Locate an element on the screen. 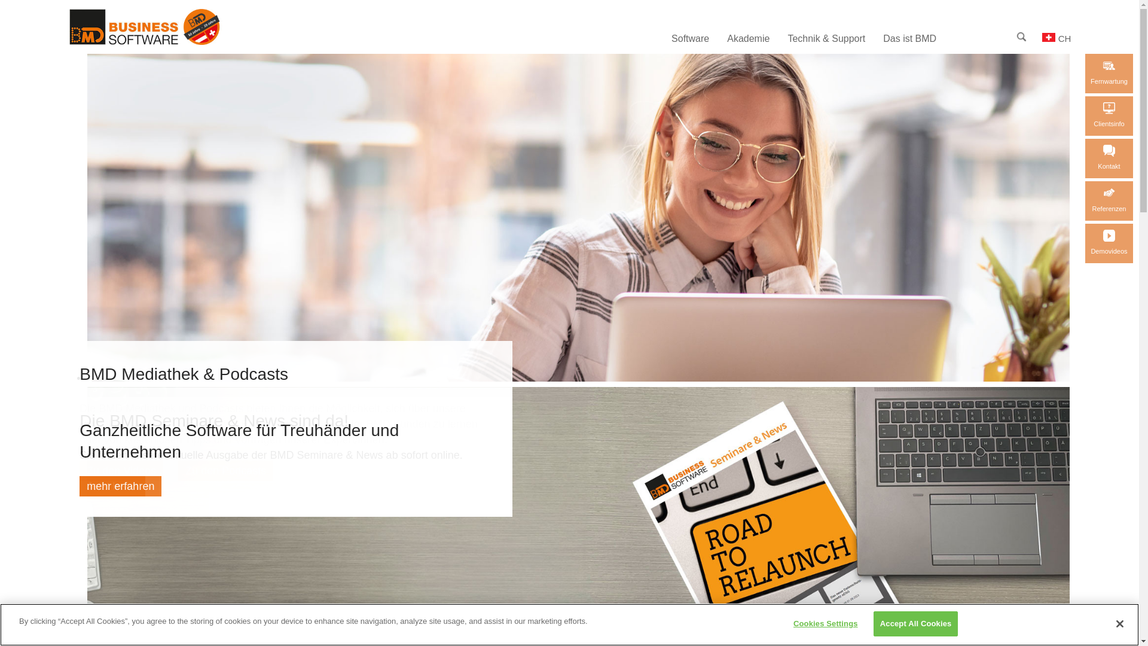 The image size is (1148, 646). 'BMD Schweiz AG' is located at coordinates (68, 27).